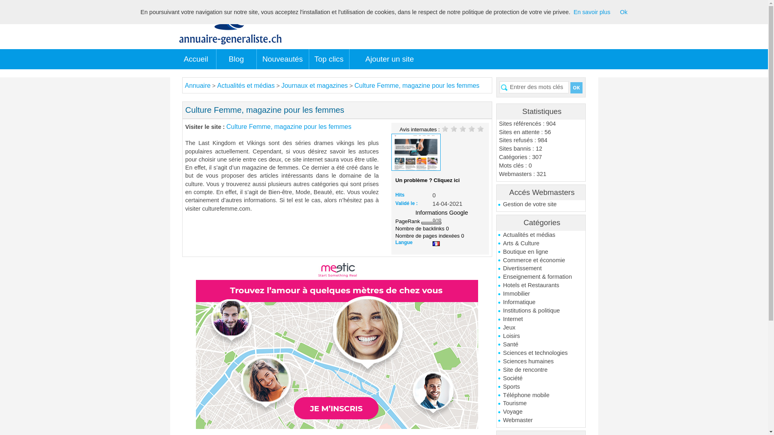 This screenshot has height=435, width=774. Describe the element at coordinates (314, 85) in the screenshot. I see `'Journaux et magazines'` at that location.